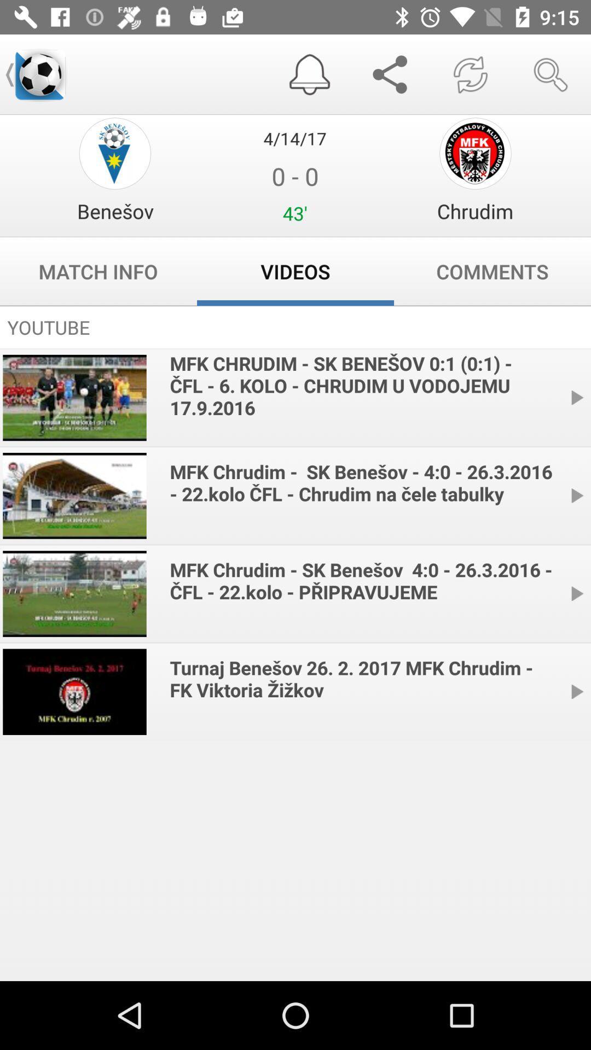  What do you see at coordinates (115, 153) in the screenshot?
I see `game gift` at bounding box center [115, 153].